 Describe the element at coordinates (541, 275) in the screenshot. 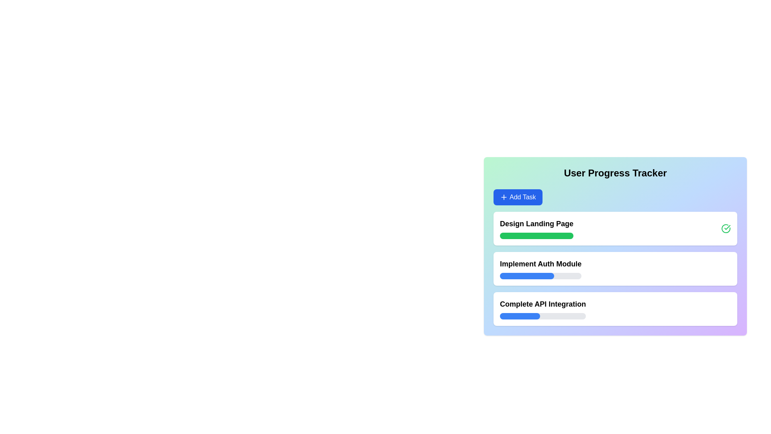

I see `the progress represented by the rounded progress bar indicating 63% completion for the 'Implement Auth Module' task in the User Progress Tracker` at that location.